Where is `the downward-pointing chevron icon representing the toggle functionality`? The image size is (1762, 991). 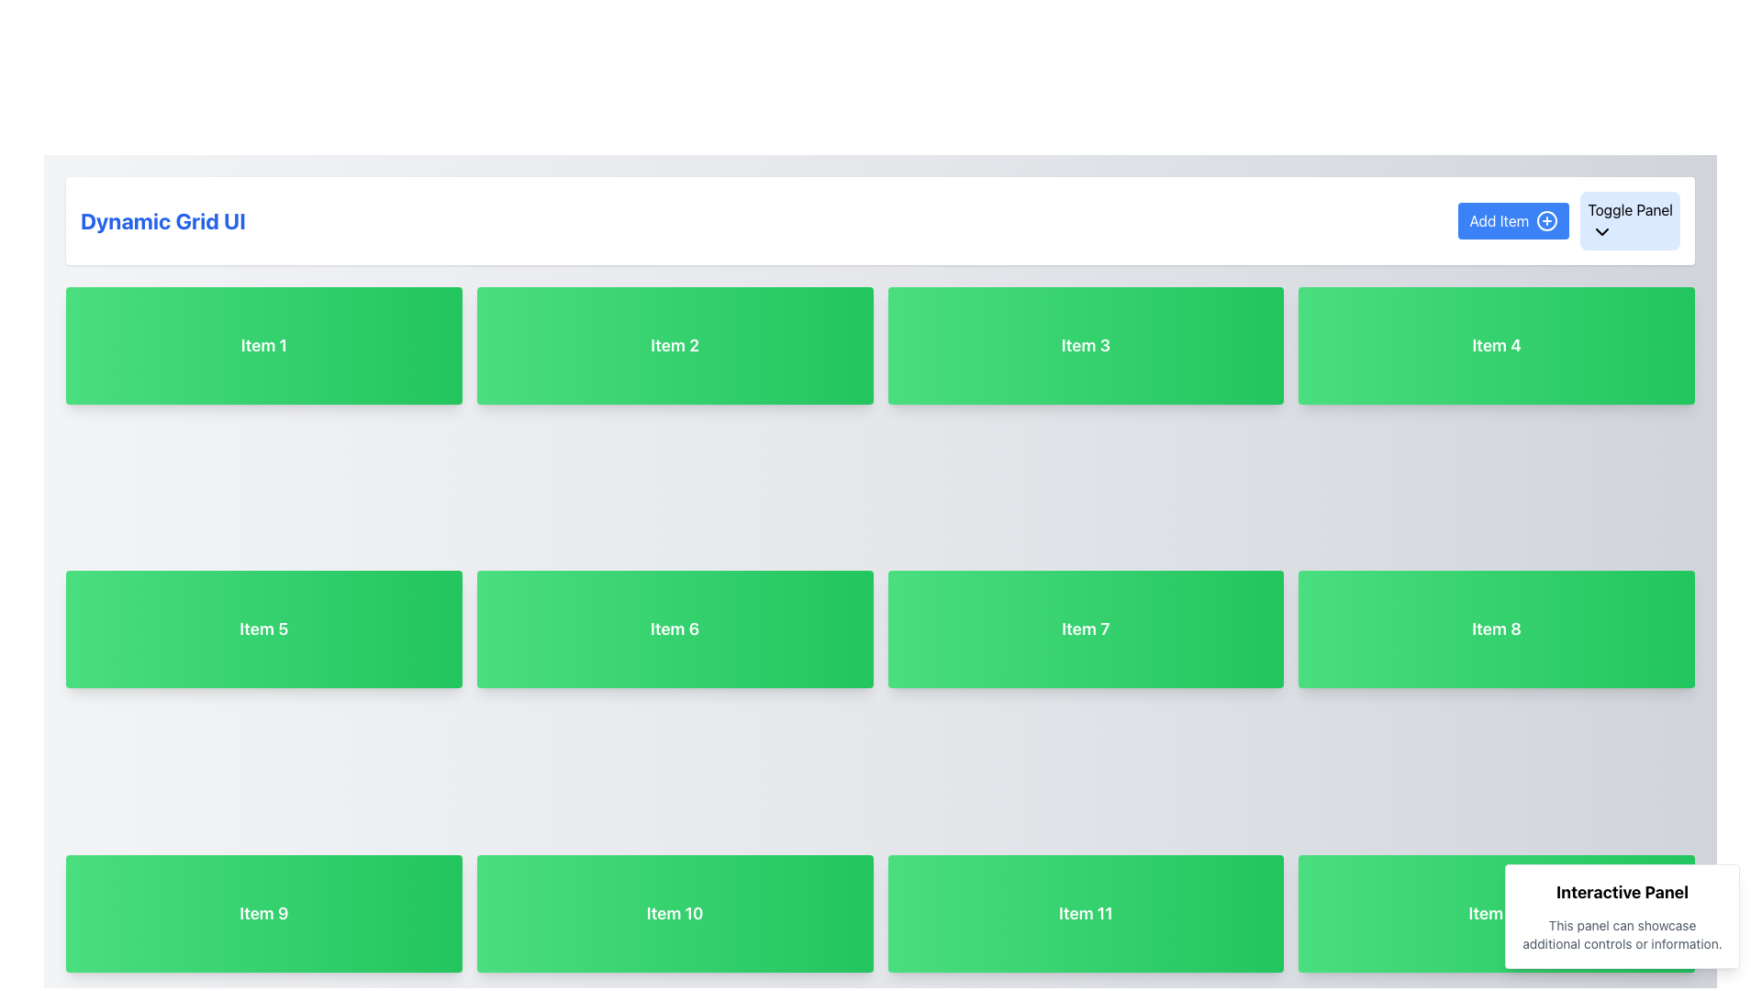
the downward-pointing chevron icon representing the toggle functionality is located at coordinates (1601, 231).